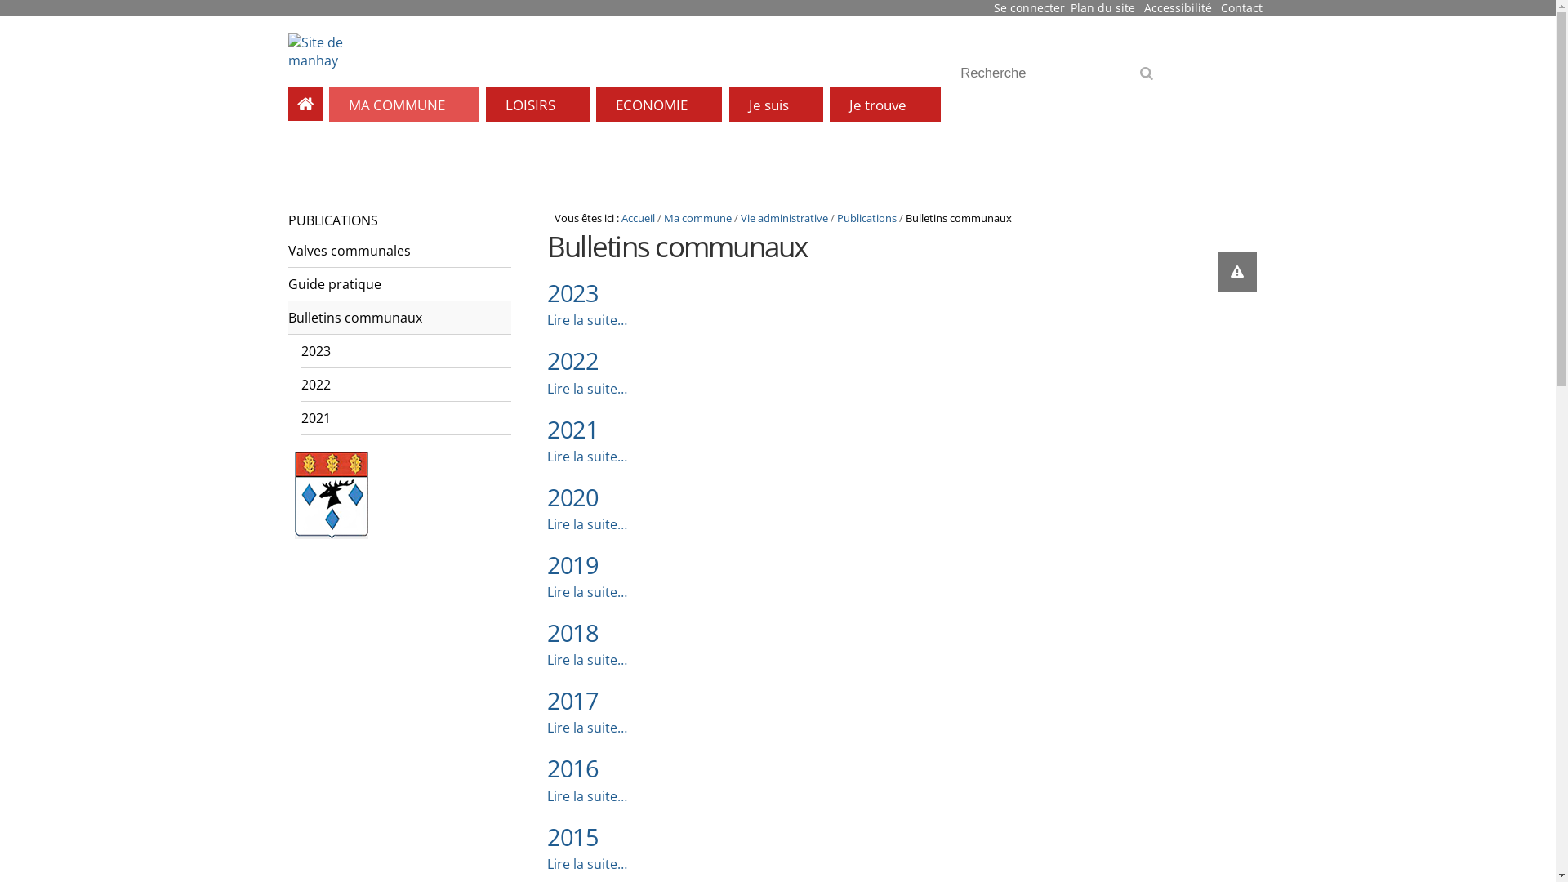  Describe the element at coordinates (537, 104) in the screenshot. I see `'LOISIRS'` at that location.